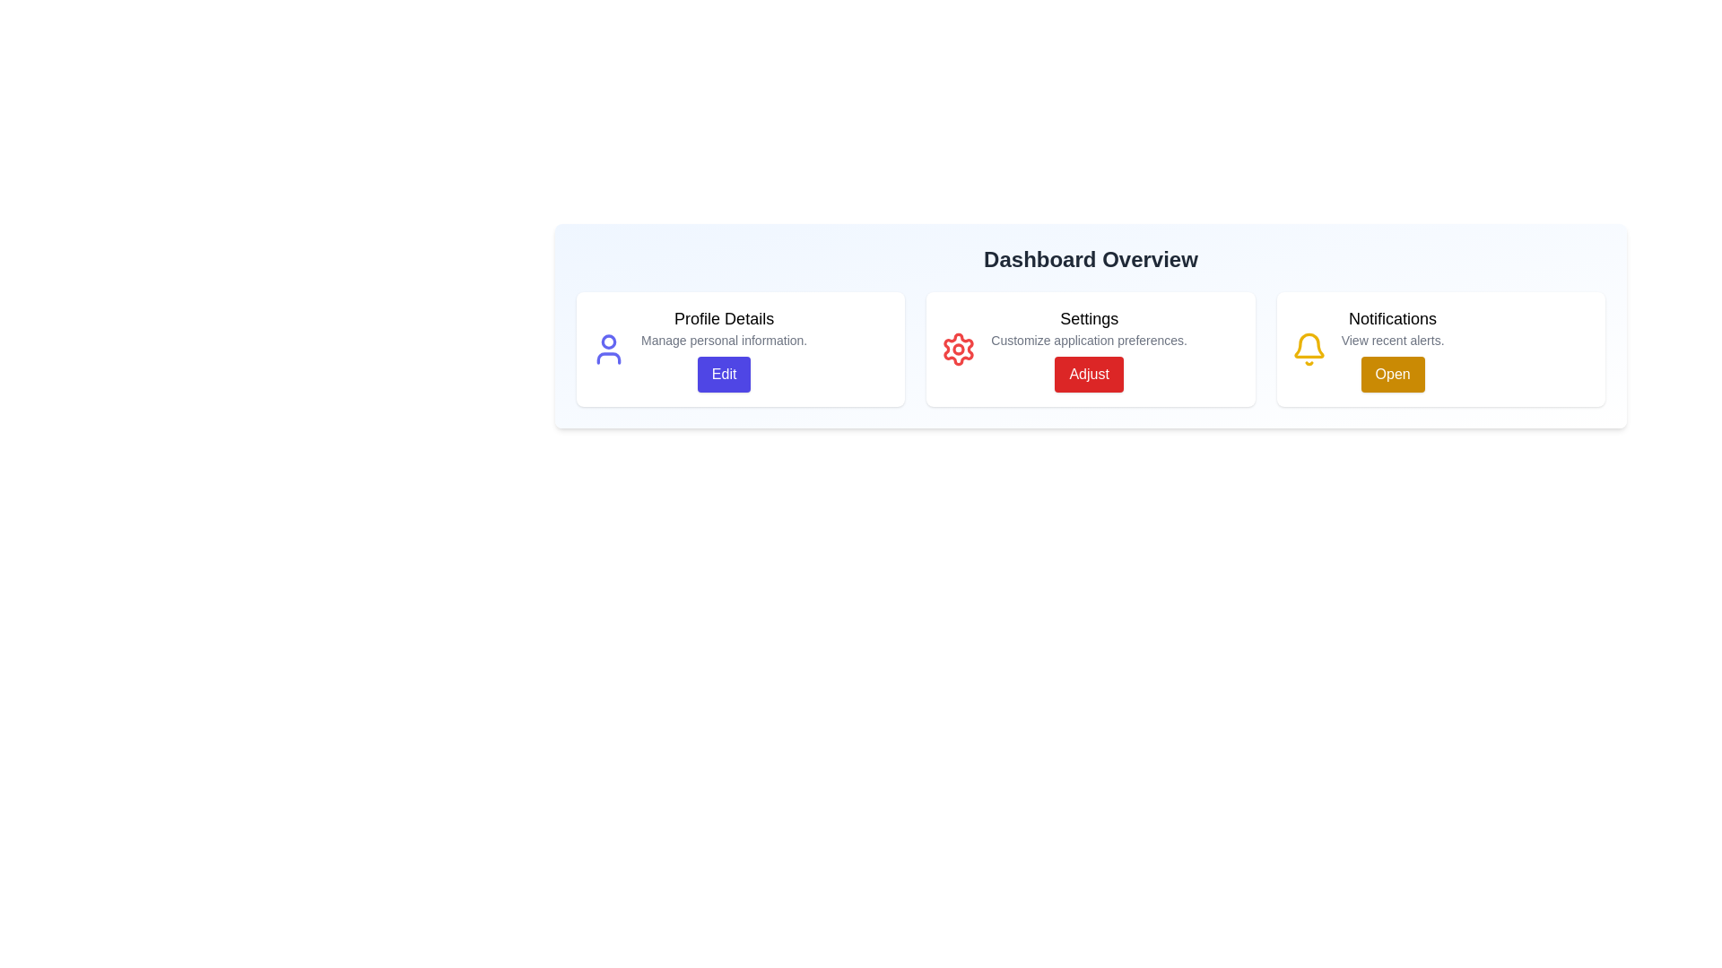 The height and width of the screenshot is (968, 1722). What do you see at coordinates (958, 349) in the screenshot?
I see `the circular feature within the cogwheel icon that symbolizes settings, located in the center of the dashboard's settings card` at bounding box center [958, 349].